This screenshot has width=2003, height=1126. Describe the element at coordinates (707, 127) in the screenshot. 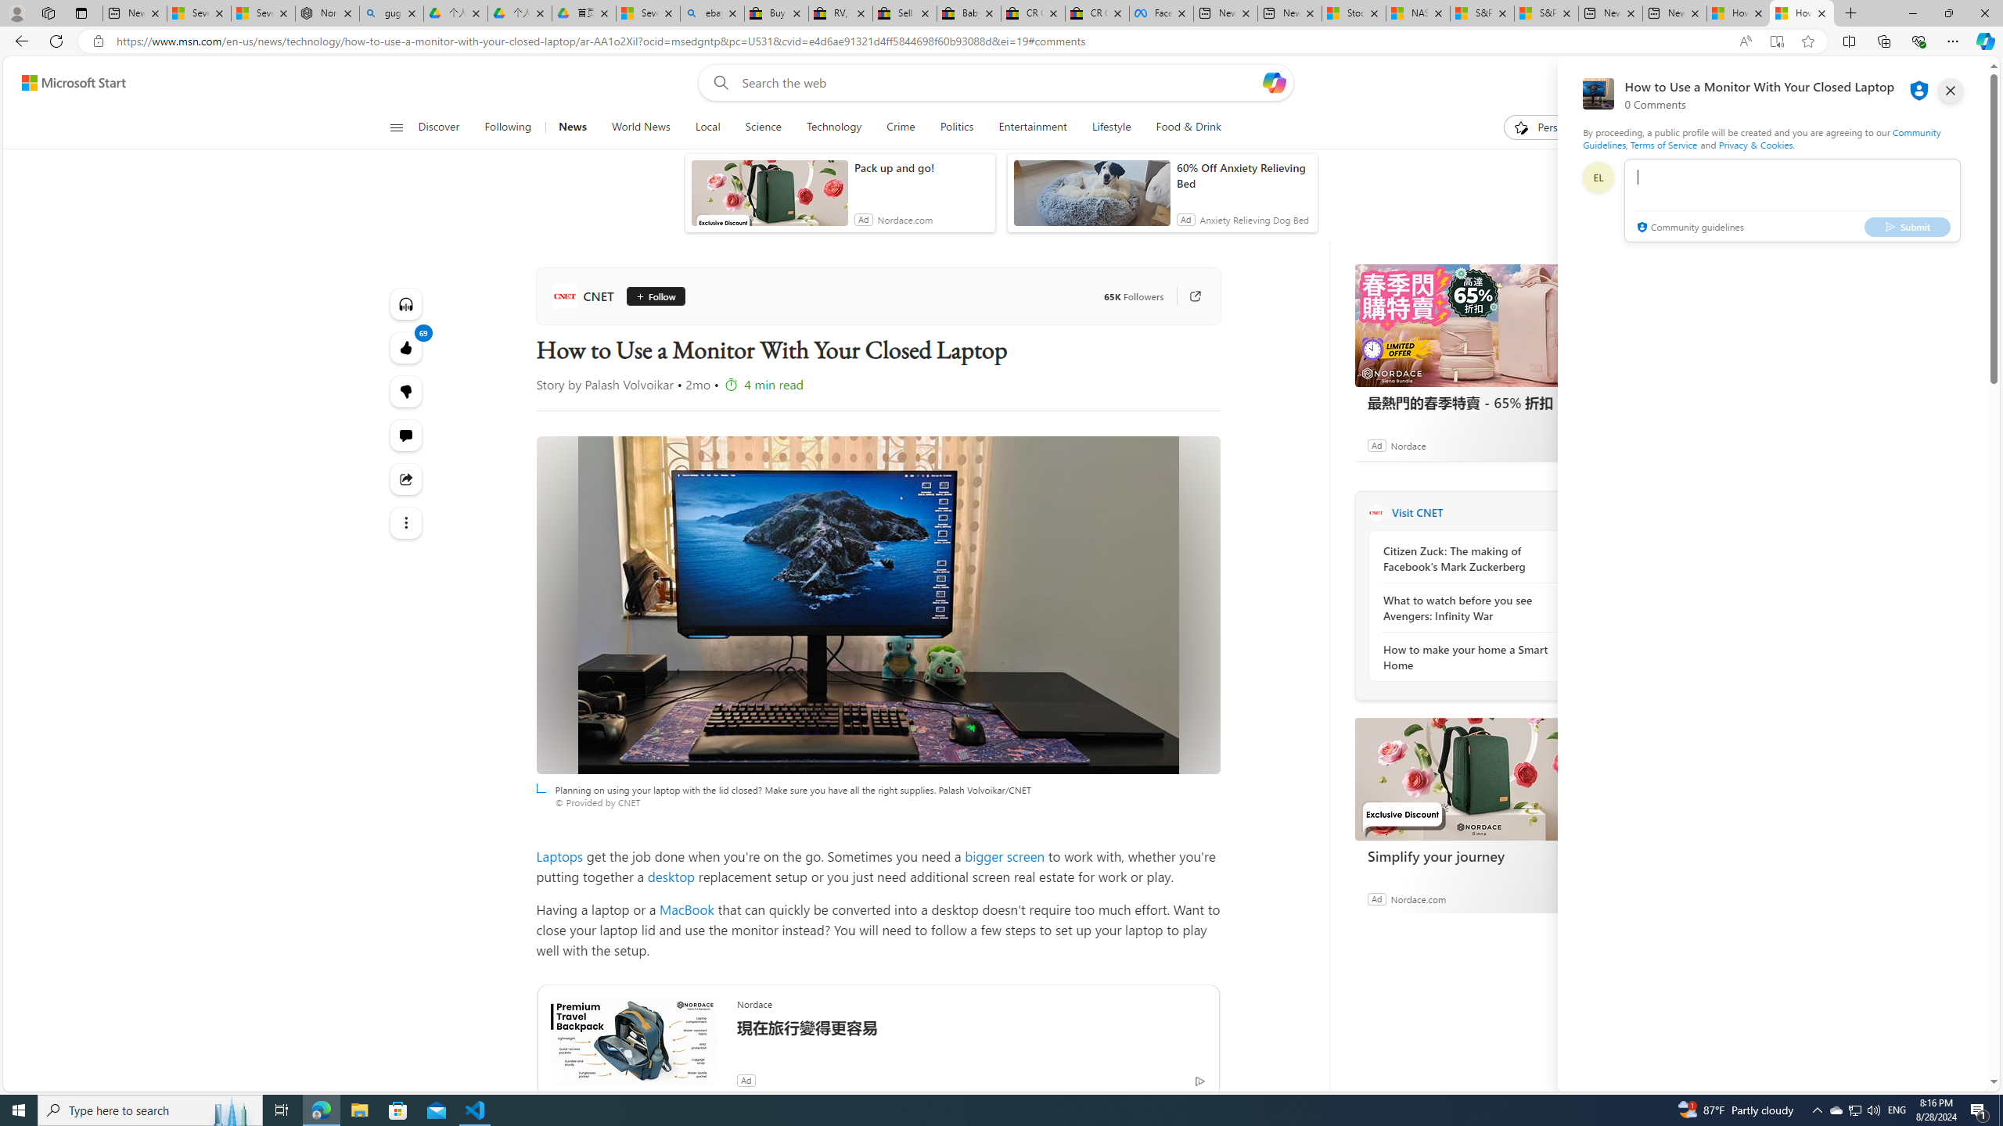

I see `'Local'` at that location.